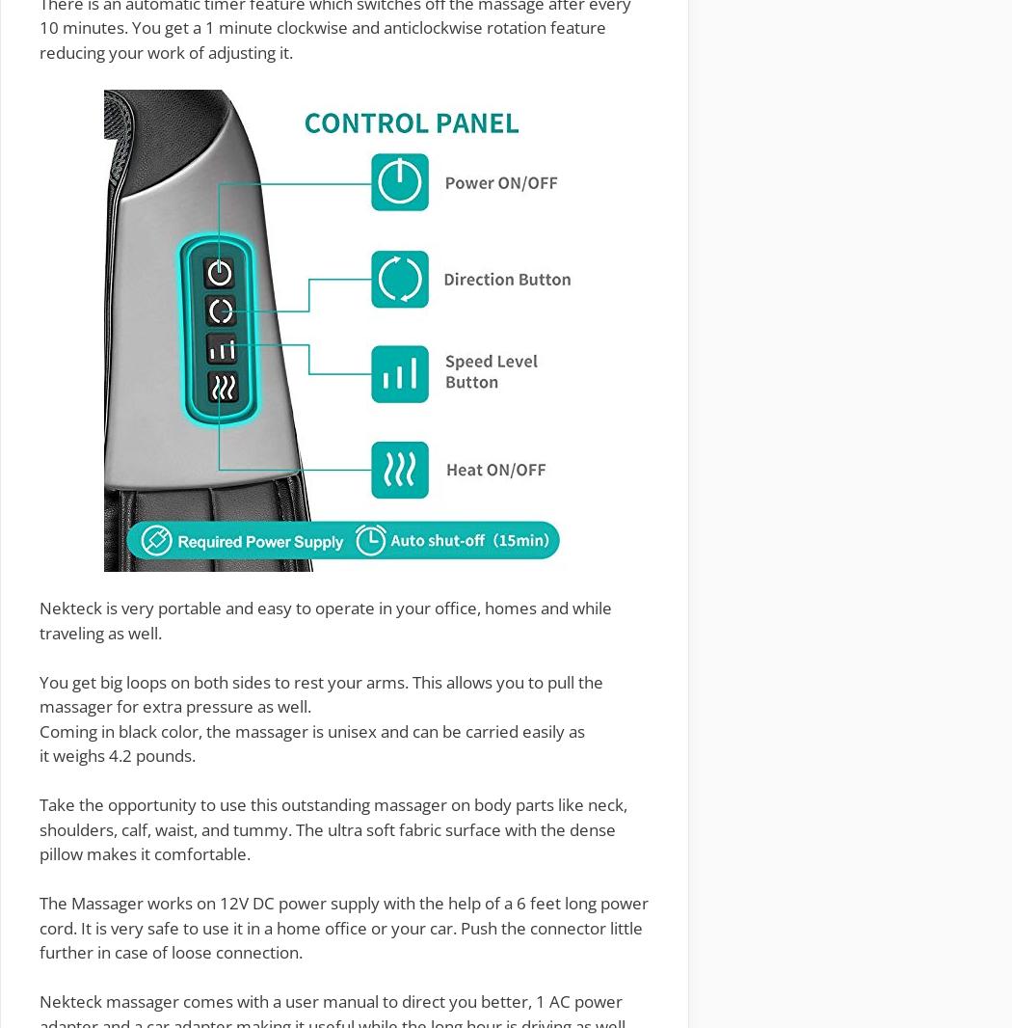 This screenshot has height=1028, width=1012. Describe the element at coordinates (325, 619) in the screenshot. I see `'Nekteck is very portable and easy to operate in your office, homes and while traveling as well.'` at that location.